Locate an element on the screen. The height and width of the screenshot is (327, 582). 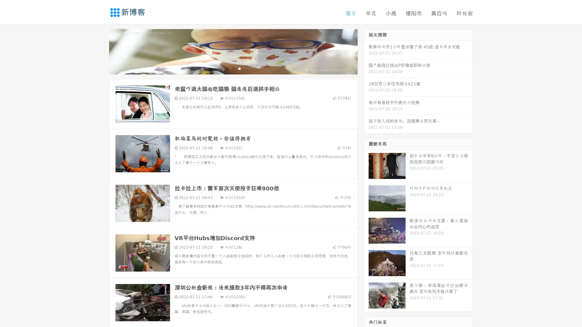
Go to slide 1 is located at coordinates (227, 68).